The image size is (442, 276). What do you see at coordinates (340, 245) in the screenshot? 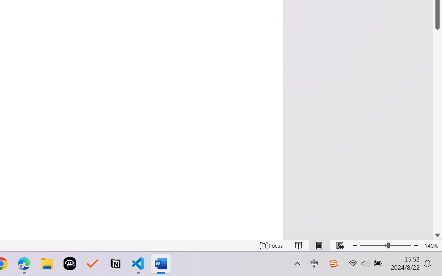
I see `'Web Layout'` at bounding box center [340, 245].